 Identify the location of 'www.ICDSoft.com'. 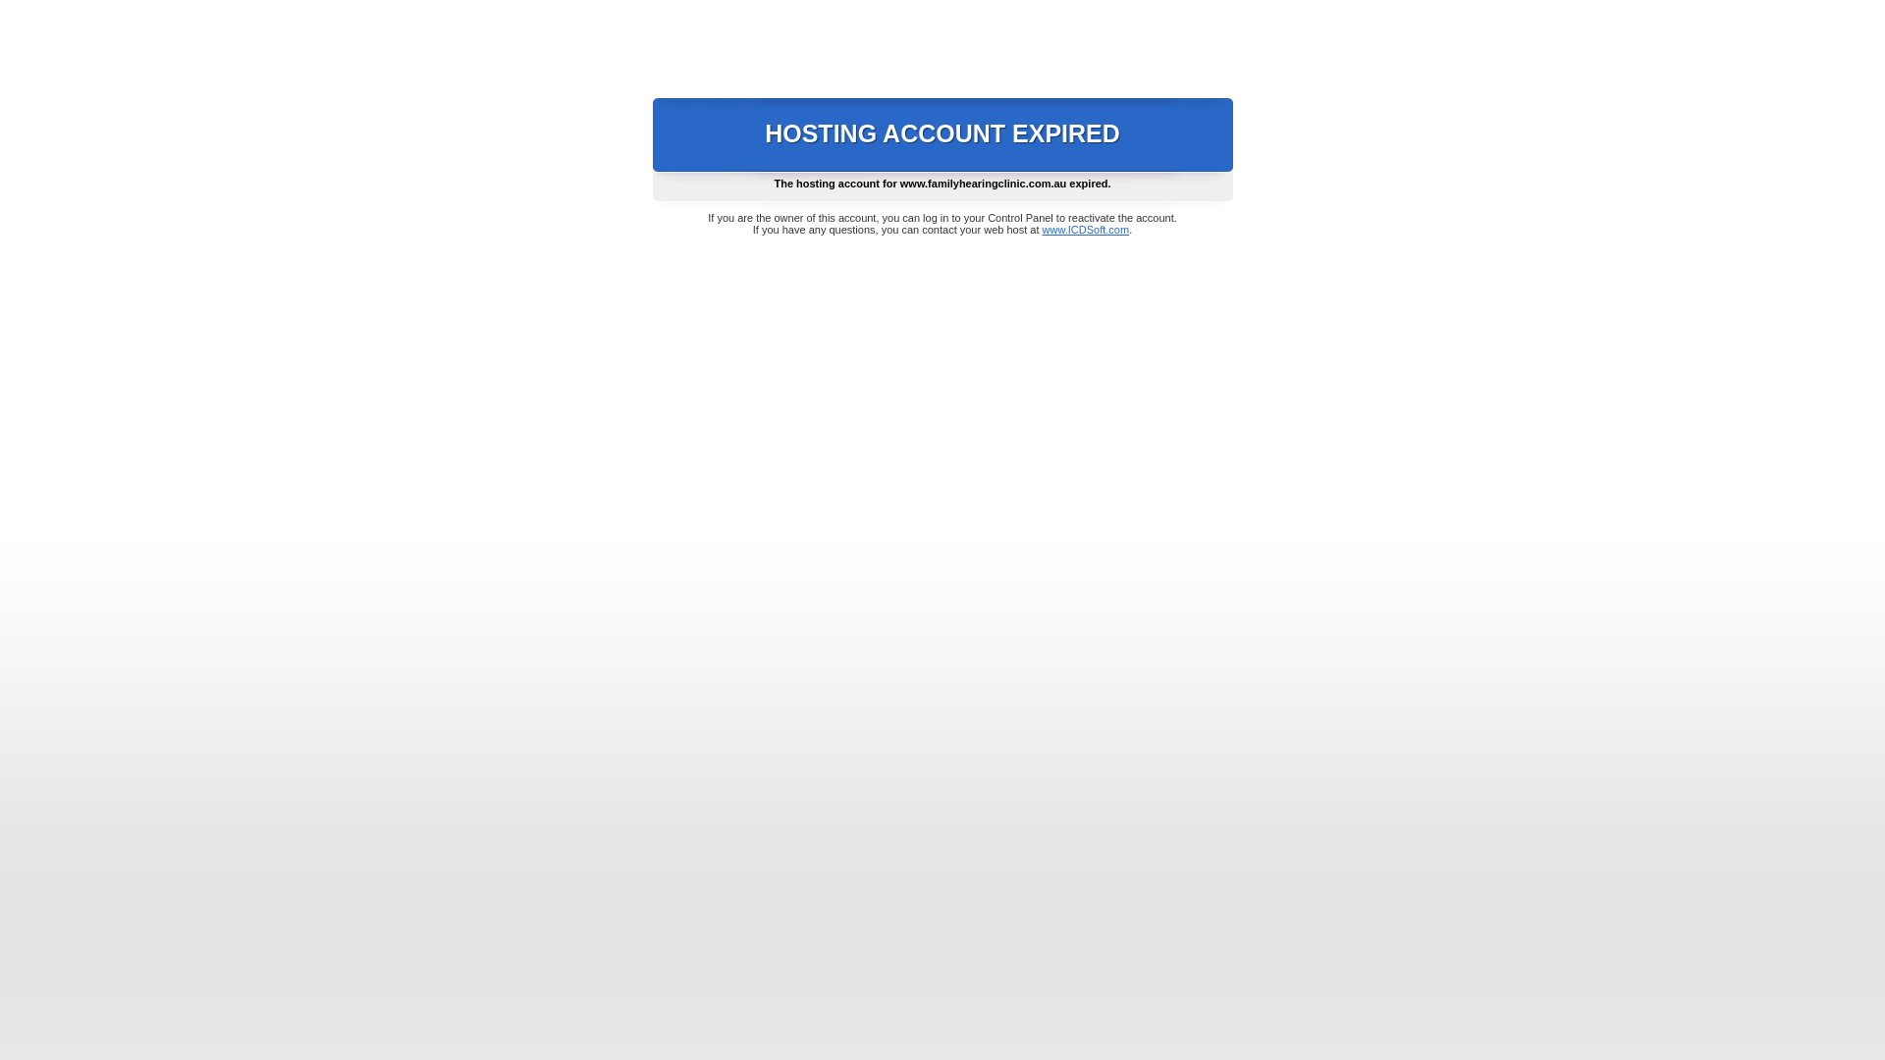
(1085, 229).